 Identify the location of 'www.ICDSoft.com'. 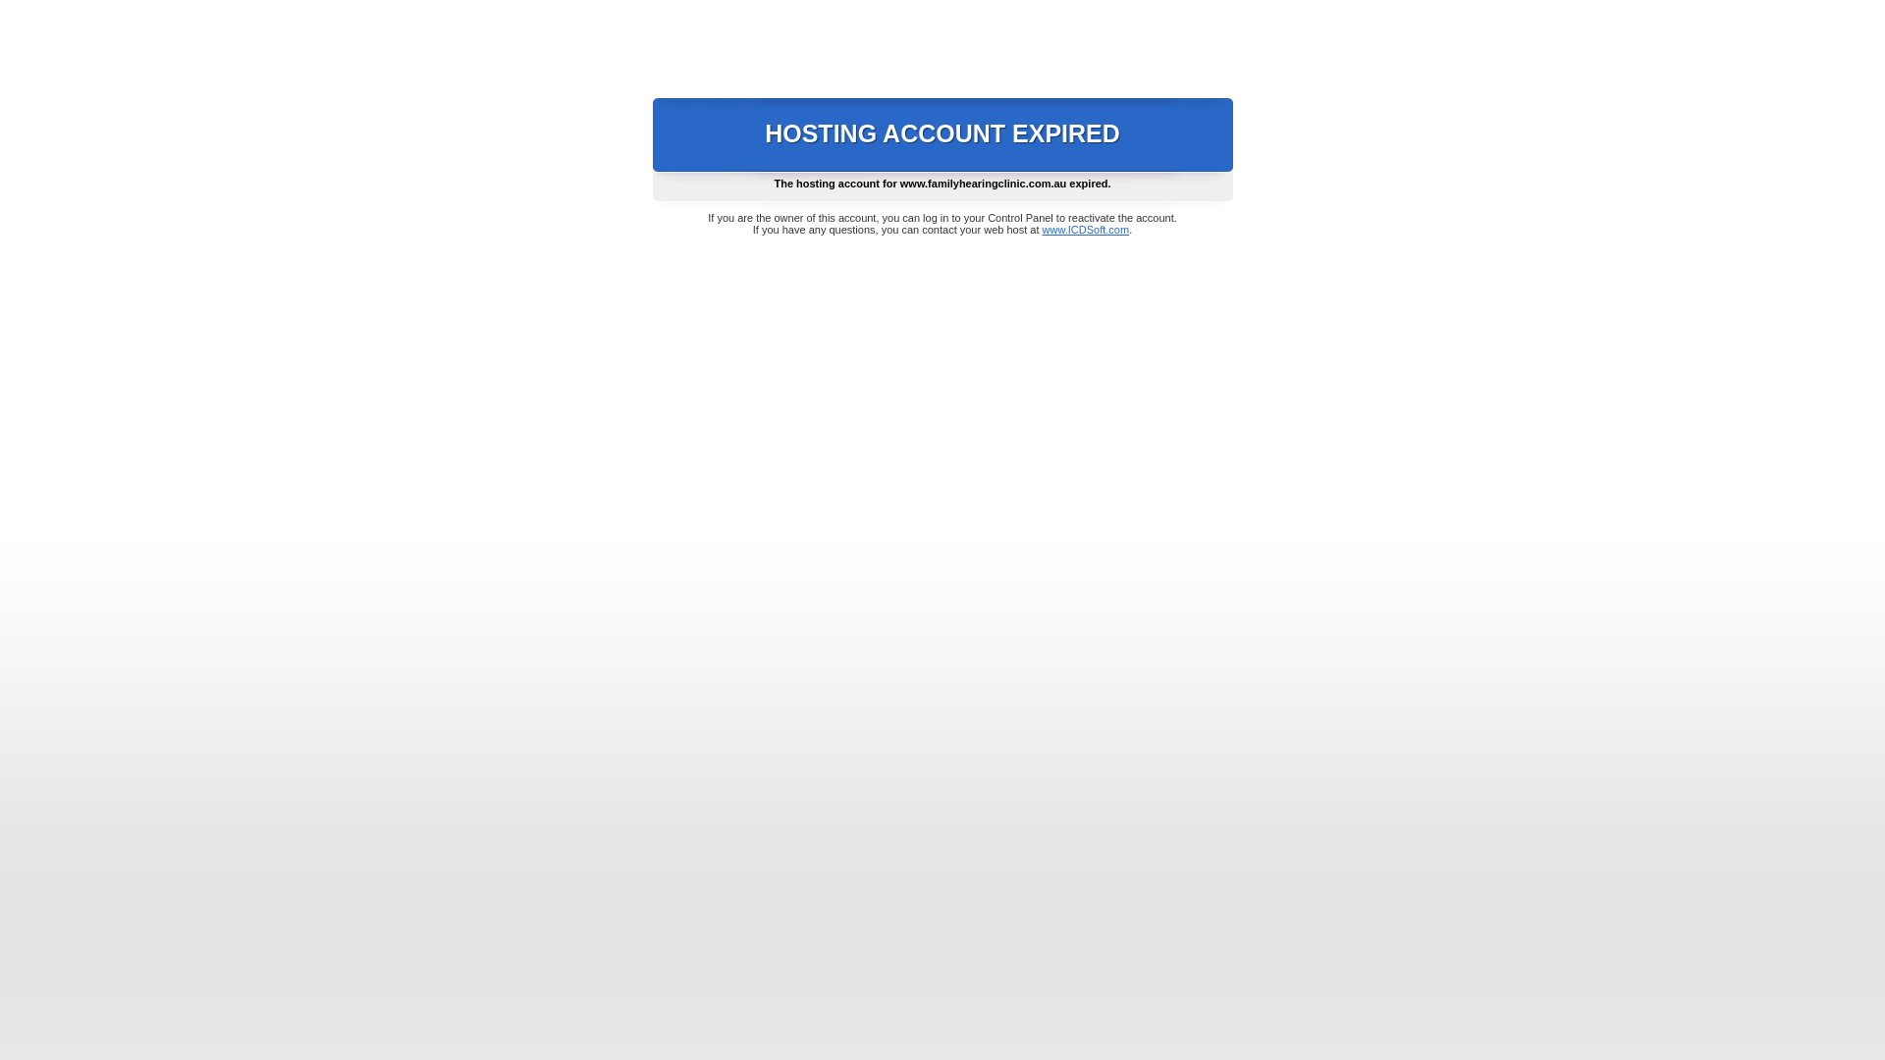
(1085, 229).